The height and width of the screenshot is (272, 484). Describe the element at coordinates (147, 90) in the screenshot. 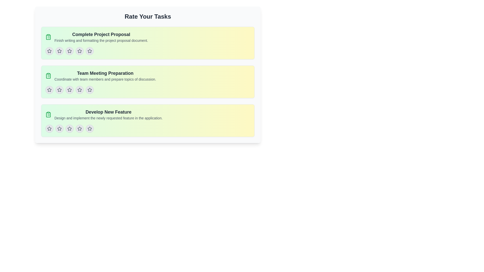

I see `rating component for 'Team Meeting Preparation', which is the second rating bar beneath the task title` at that location.